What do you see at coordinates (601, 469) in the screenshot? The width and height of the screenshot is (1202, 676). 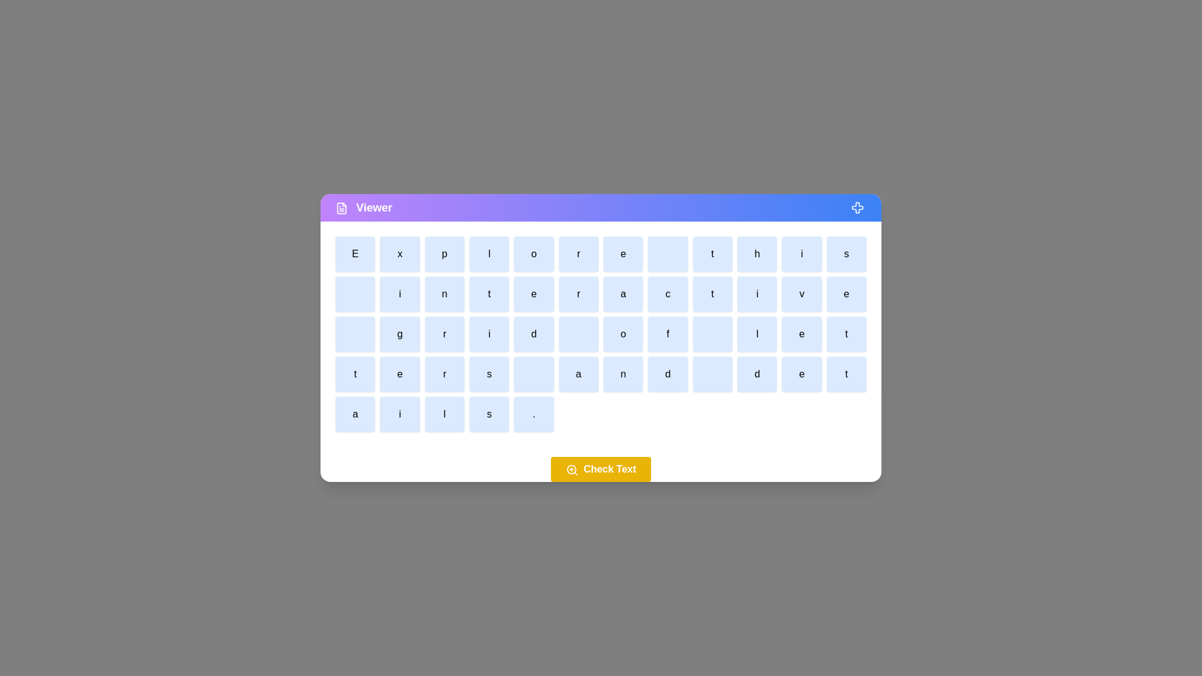 I see `'Check Text' button to reset and show the dialog` at bounding box center [601, 469].